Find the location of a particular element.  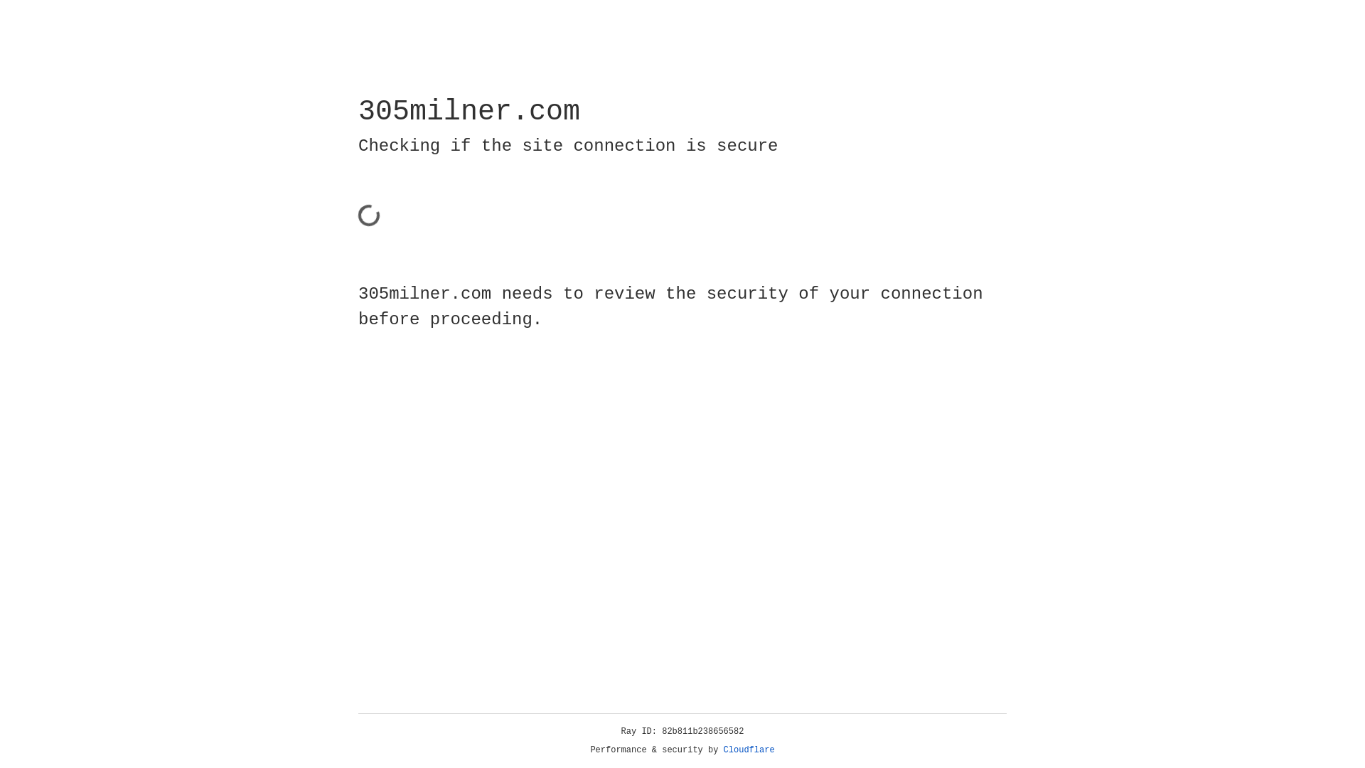

'Cloudflare' is located at coordinates (749, 750).